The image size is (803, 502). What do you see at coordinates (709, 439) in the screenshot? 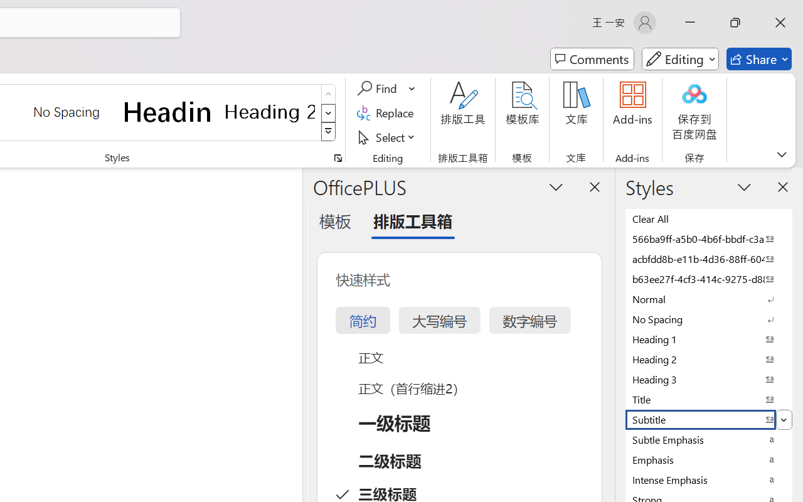
I see `'Subtle Emphasis'` at bounding box center [709, 439].